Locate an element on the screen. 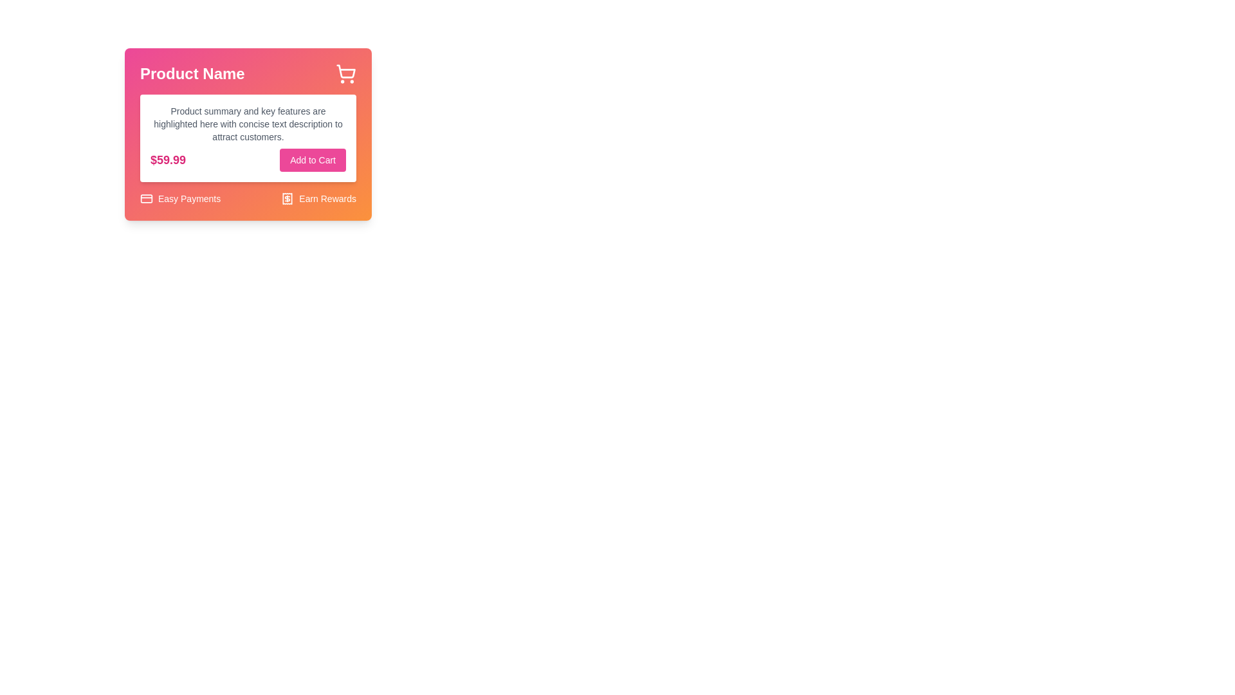  the text label located in the bottom-left section of the interface, which is positioned to the right of a credit card icon and to the left of the 'Earn Rewards' text label is located at coordinates (188, 198).